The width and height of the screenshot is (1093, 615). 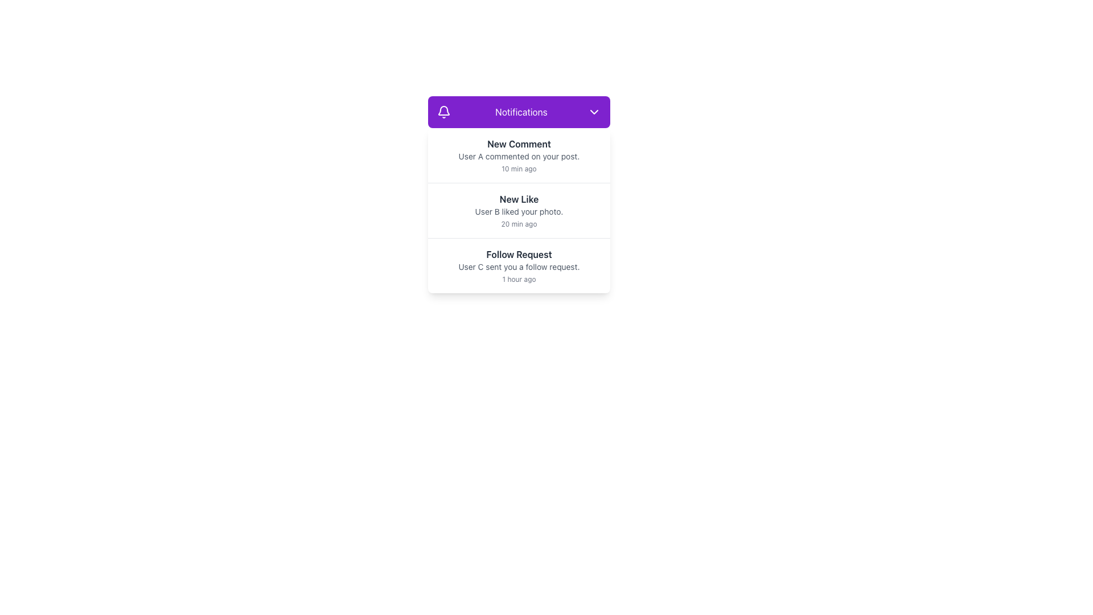 I want to click on the first notification card in the Notifications list, so click(x=519, y=155).